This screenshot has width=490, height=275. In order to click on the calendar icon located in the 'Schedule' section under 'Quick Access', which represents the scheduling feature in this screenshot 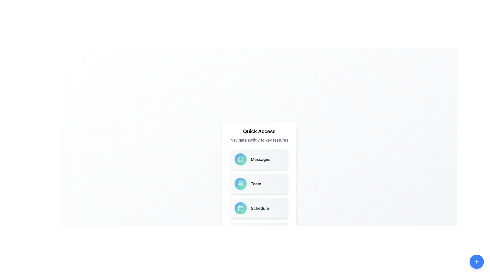, I will do `click(240, 208)`.